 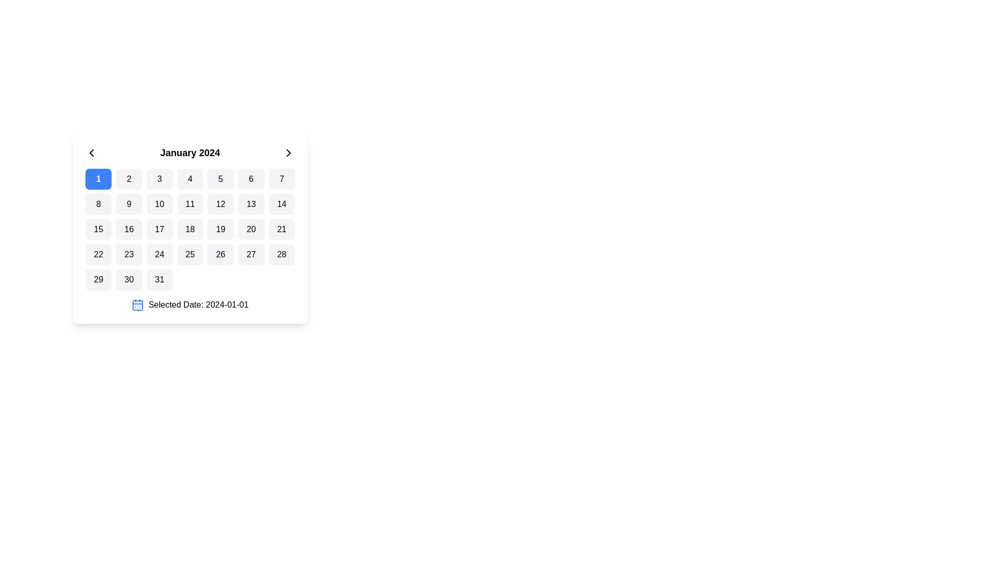 I want to click on the rounded rectangular button labeled '5' in the calendar grid, so click(x=220, y=179).